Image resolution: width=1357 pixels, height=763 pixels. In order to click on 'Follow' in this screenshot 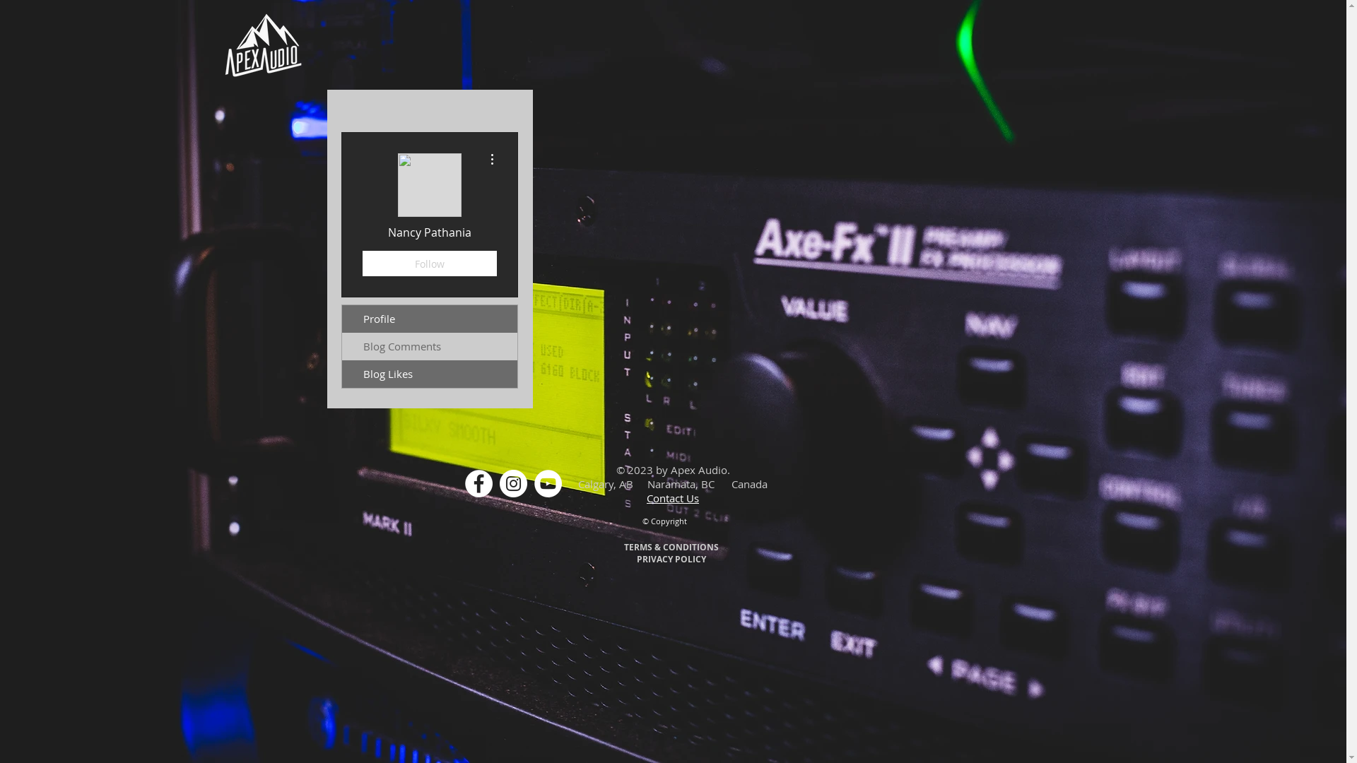, I will do `click(362, 264)`.